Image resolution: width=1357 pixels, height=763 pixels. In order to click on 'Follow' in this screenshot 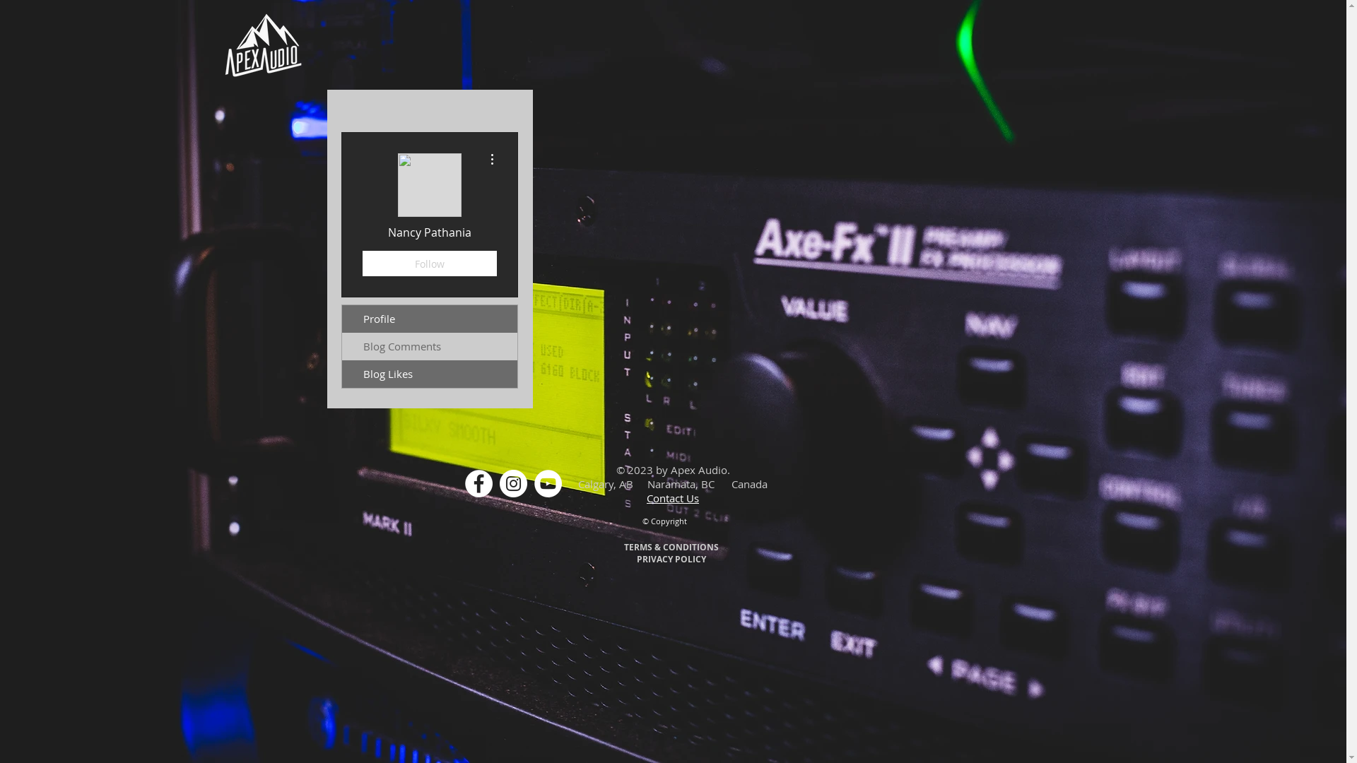, I will do `click(362, 264)`.